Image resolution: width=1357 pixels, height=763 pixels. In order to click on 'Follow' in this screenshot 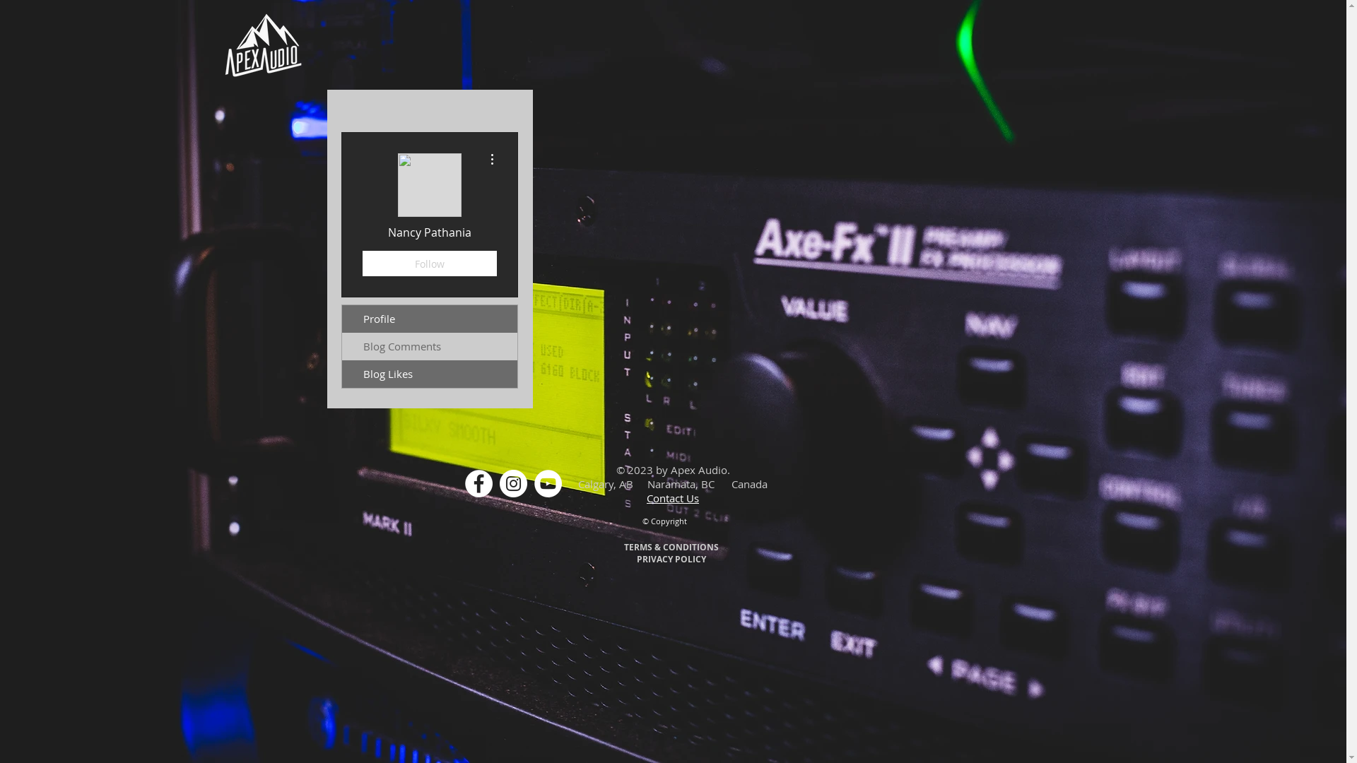, I will do `click(362, 264)`.